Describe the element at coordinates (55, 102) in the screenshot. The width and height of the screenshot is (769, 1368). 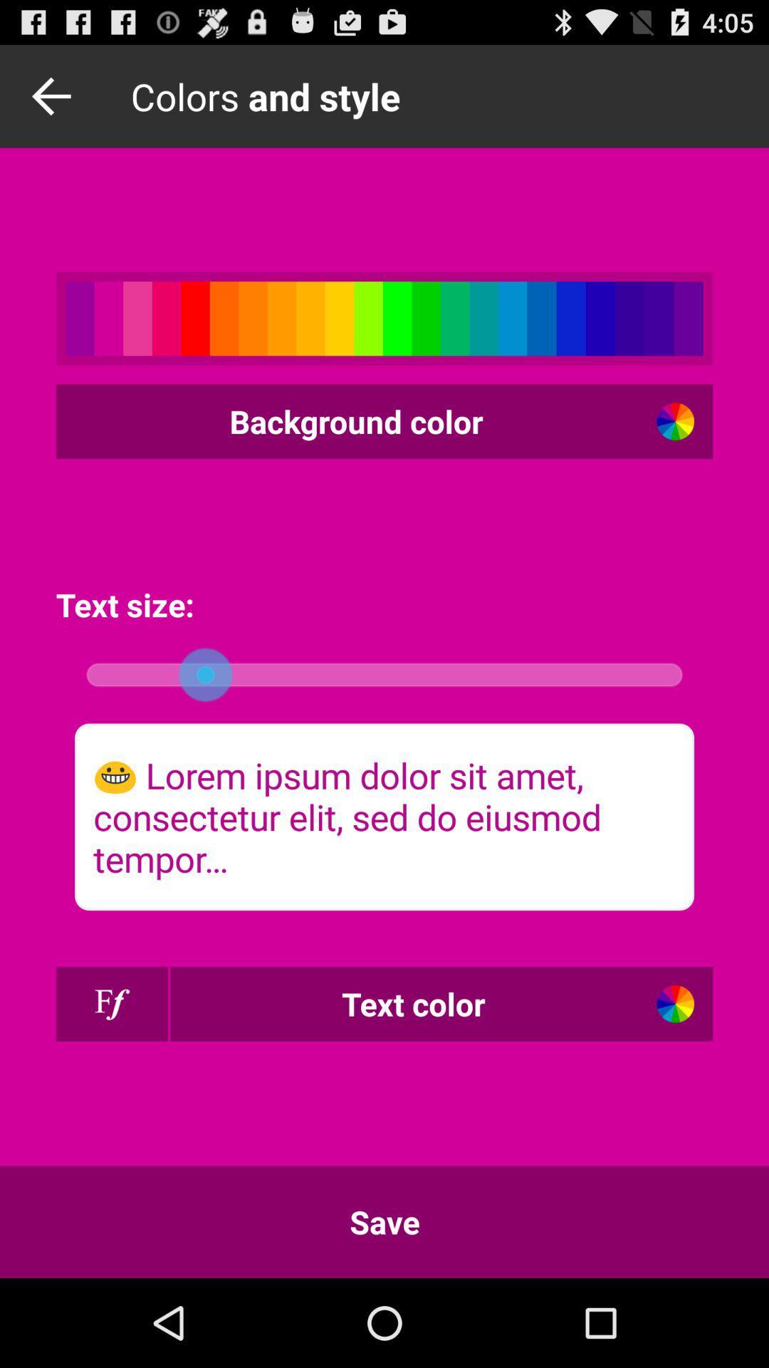
I see `the arrow_backward icon` at that location.